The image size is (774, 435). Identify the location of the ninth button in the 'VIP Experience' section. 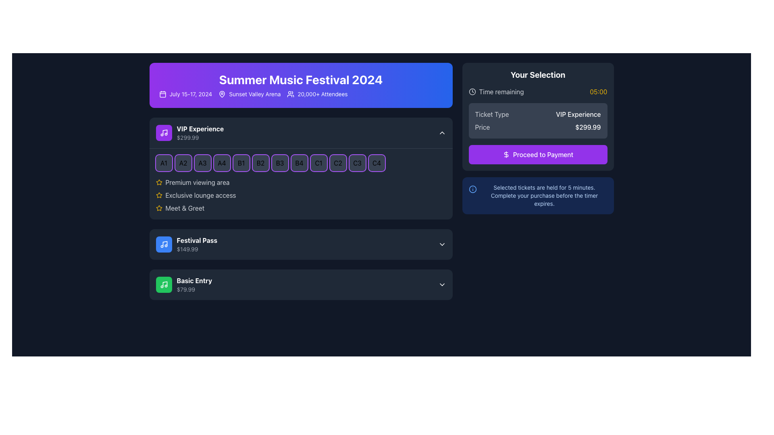
(318, 163).